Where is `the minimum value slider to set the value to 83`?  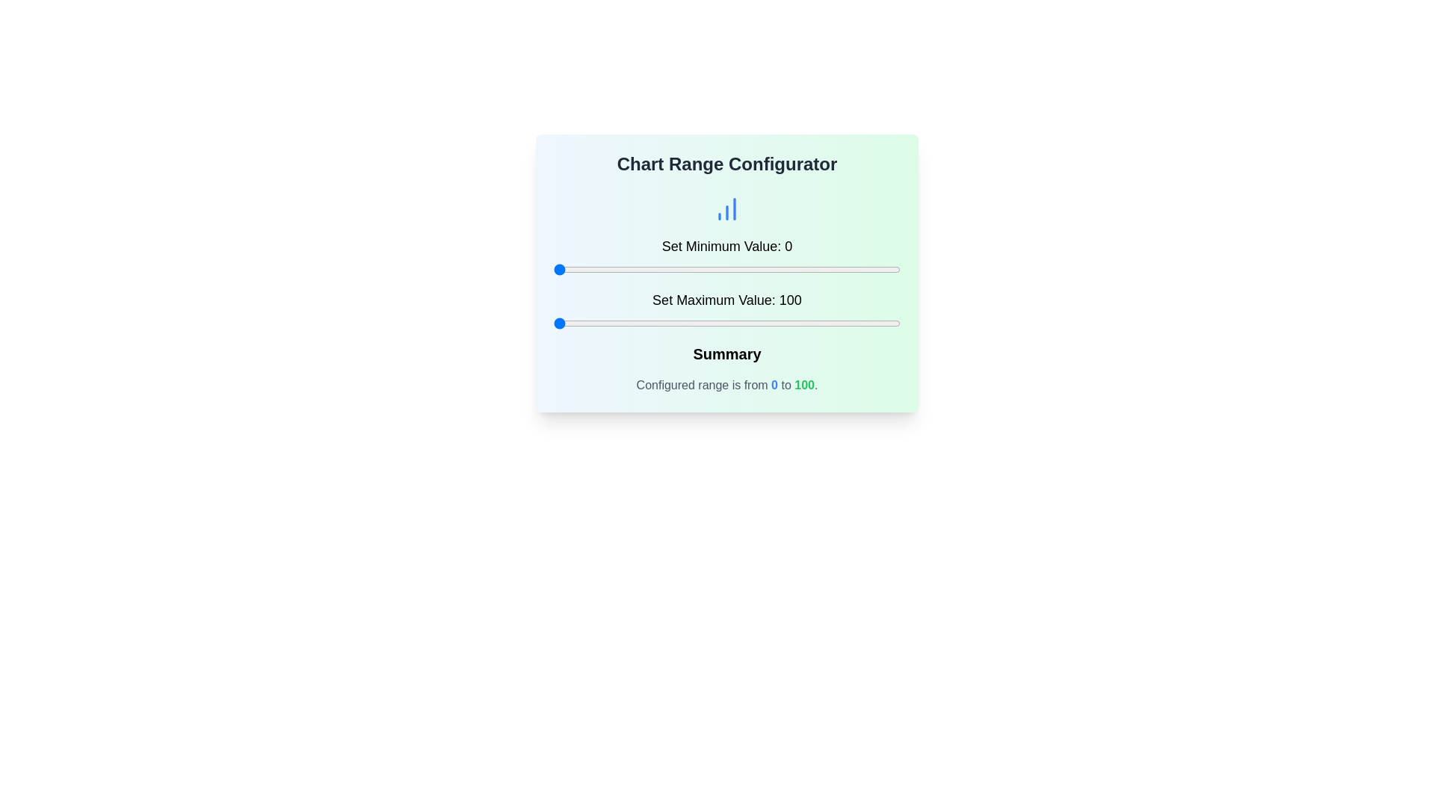
the minimum value slider to set the value to 83 is located at coordinates (842, 270).